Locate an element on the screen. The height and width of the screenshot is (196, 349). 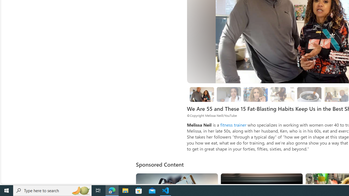
'8 Be Mindful of Coffee' is located at coordinates (309, 94).